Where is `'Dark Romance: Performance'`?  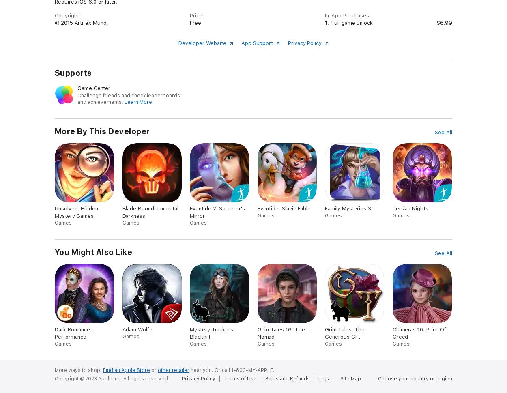 'Dark Romance: Performance' is located at coordinates (73, 333).